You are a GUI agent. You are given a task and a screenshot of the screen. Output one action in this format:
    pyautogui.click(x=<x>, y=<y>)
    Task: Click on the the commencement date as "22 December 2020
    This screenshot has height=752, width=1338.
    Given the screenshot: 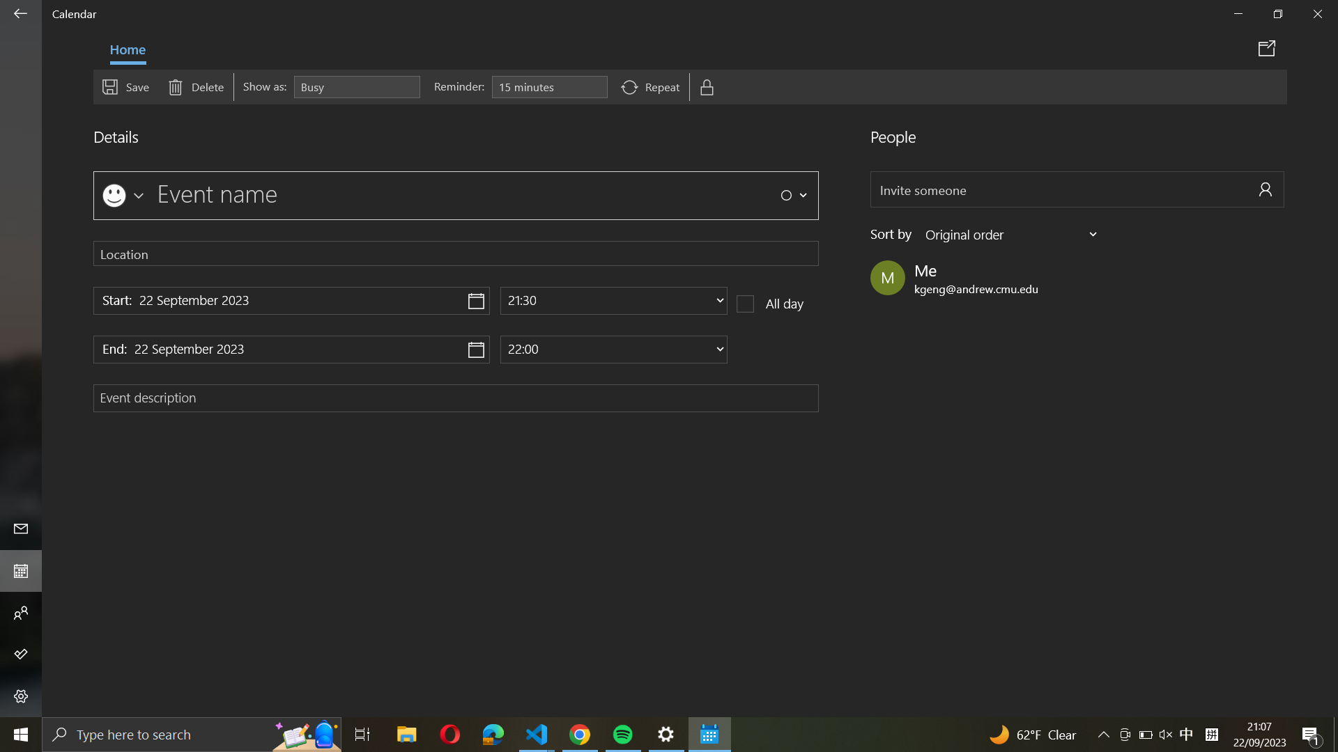 What is the action you would take?
    pyautogui.click(x=291, y=300)
    